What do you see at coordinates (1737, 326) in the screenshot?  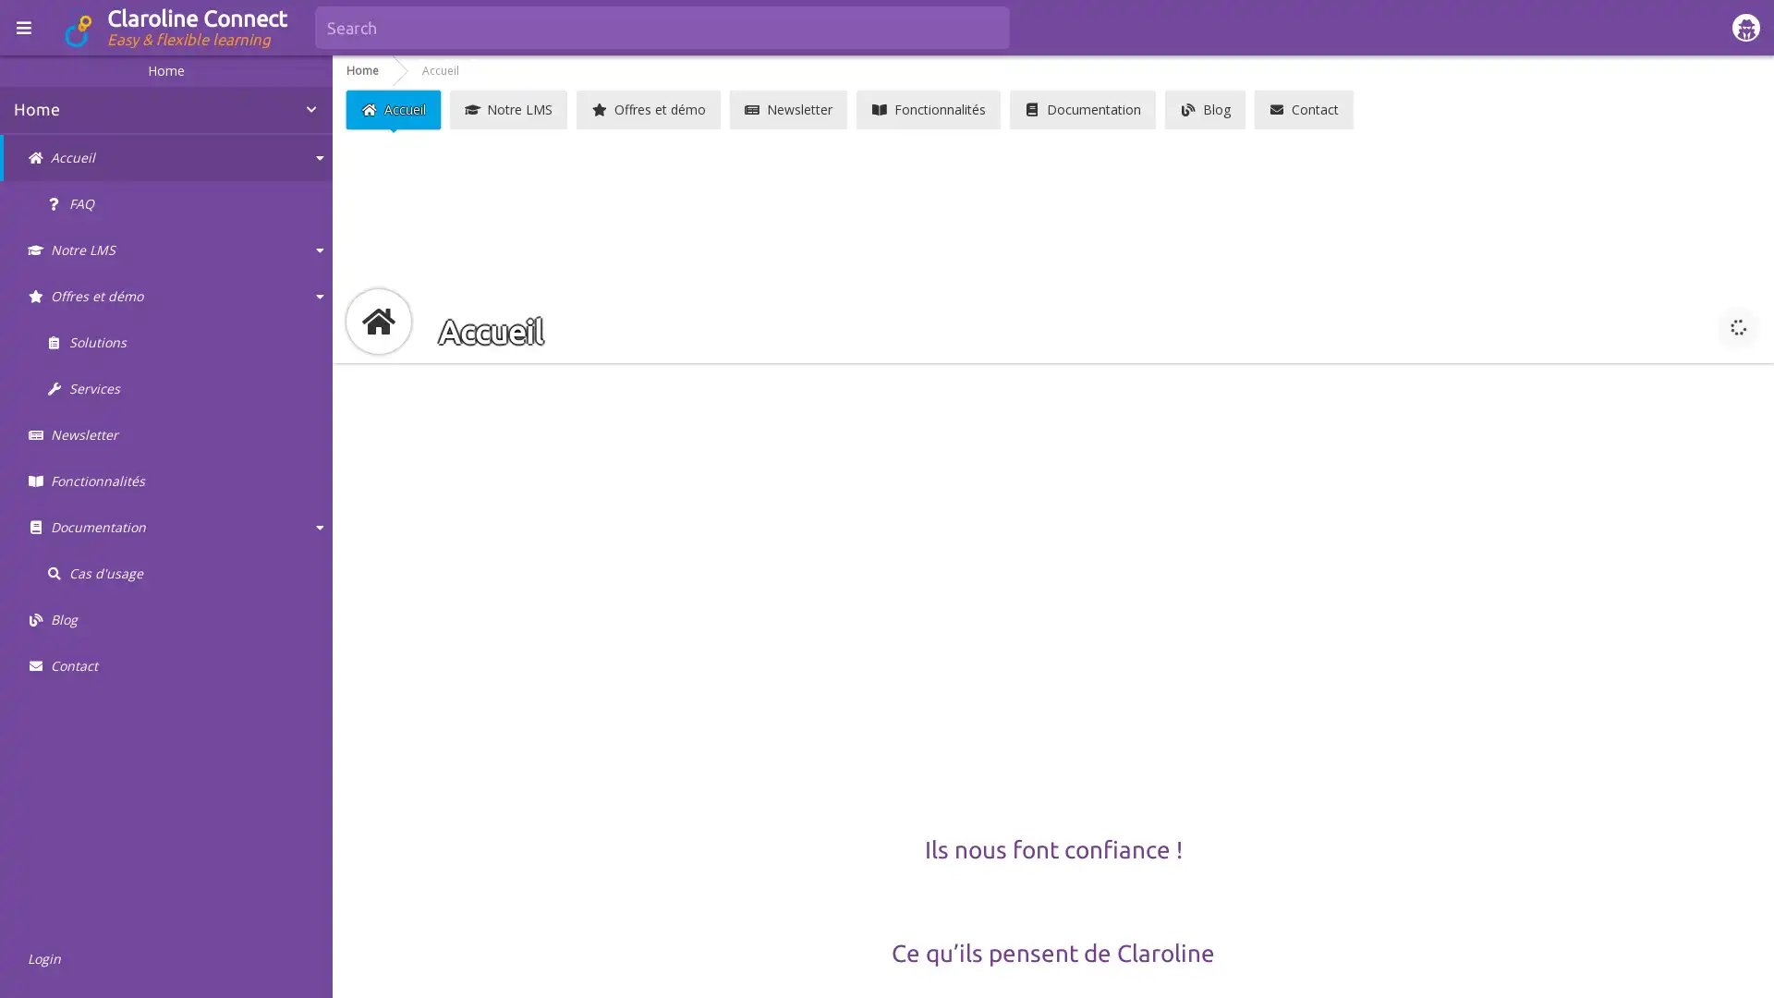 I see `Show more actions` at bounding box center [1737, 326].